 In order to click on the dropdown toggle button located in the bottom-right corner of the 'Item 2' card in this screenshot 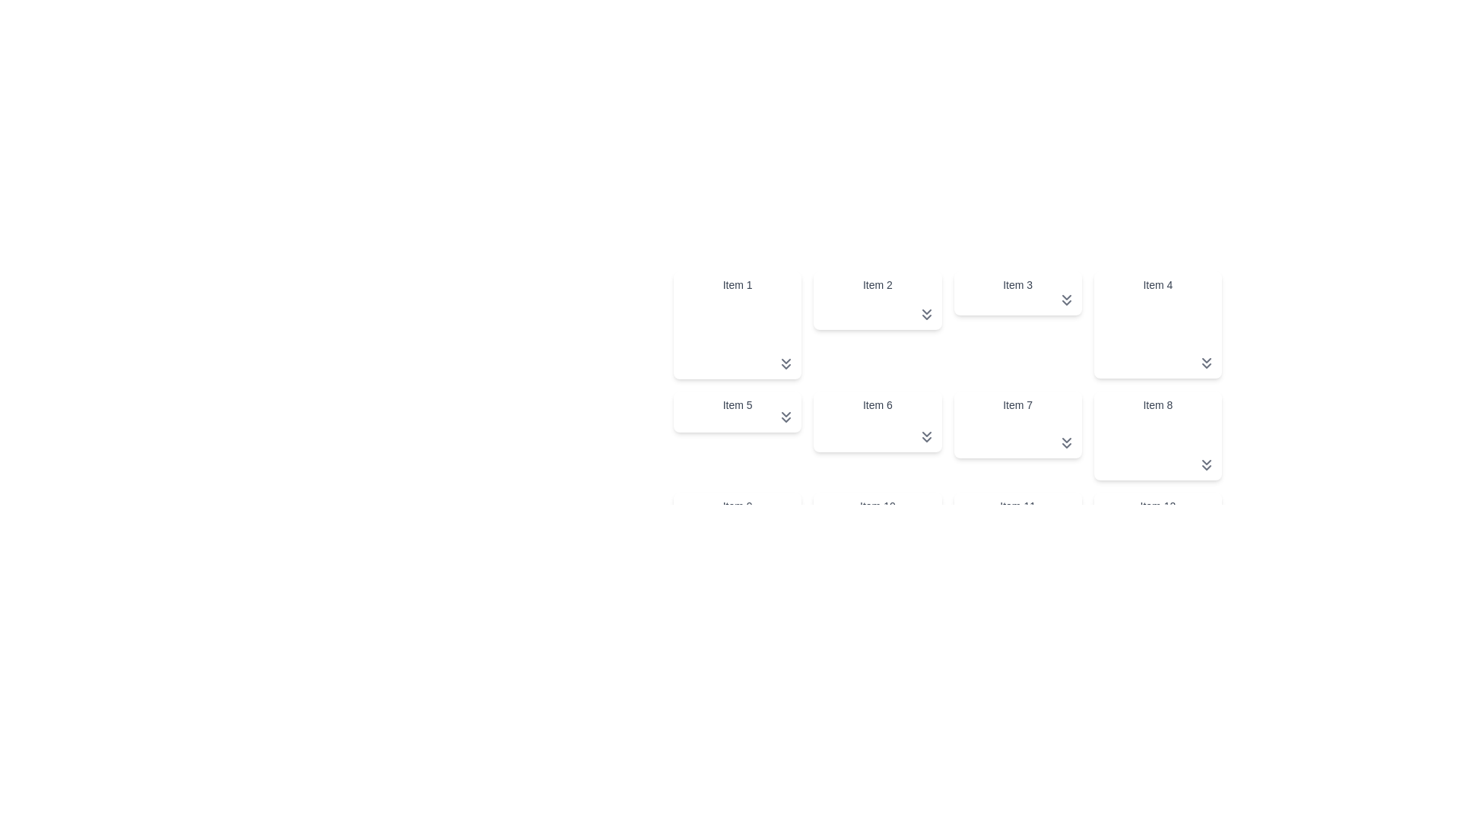, I will do `click(925, 314)`.